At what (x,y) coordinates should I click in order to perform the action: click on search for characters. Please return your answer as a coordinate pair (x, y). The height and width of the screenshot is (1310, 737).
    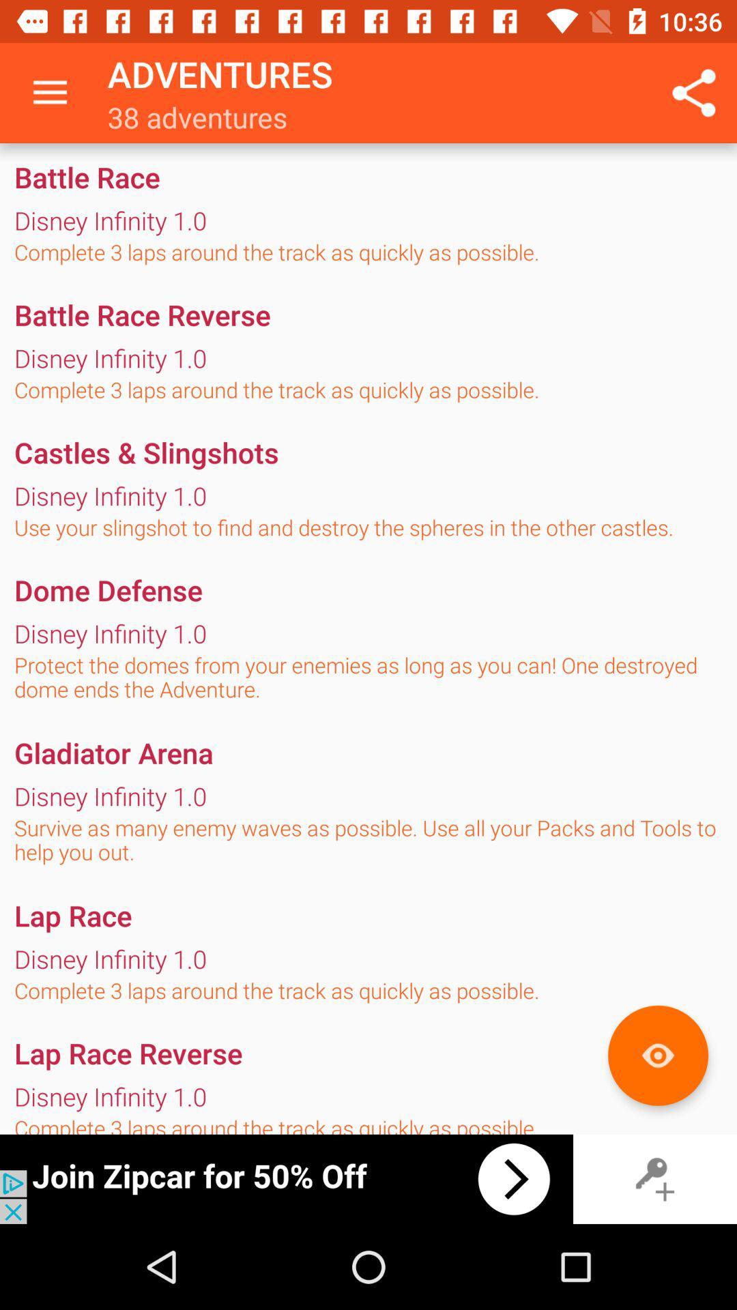
    Looking at the image, I should click on (657, 1055).